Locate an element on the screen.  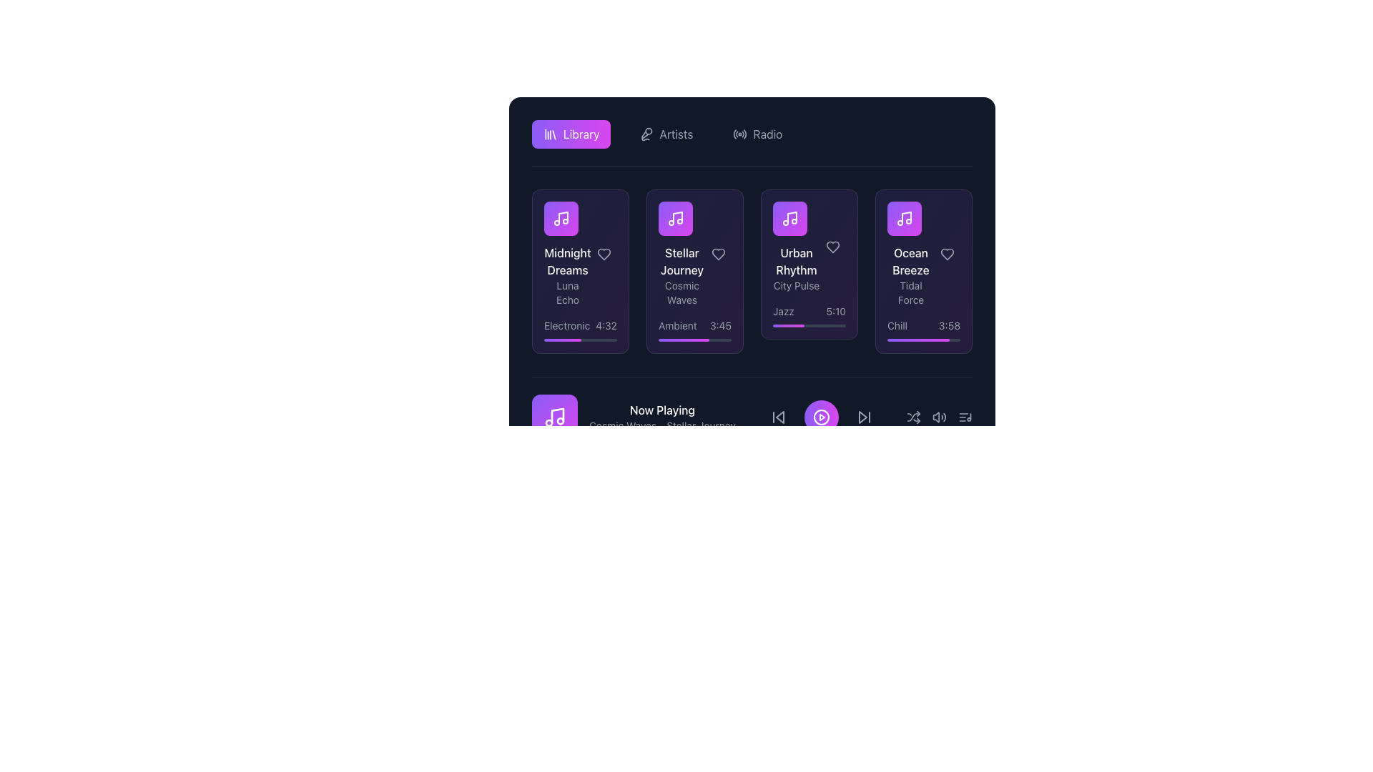
the play button located as the third button from the left in a horizontal row of controls at the bottom center of the interface is located at coordinates (821, 417).